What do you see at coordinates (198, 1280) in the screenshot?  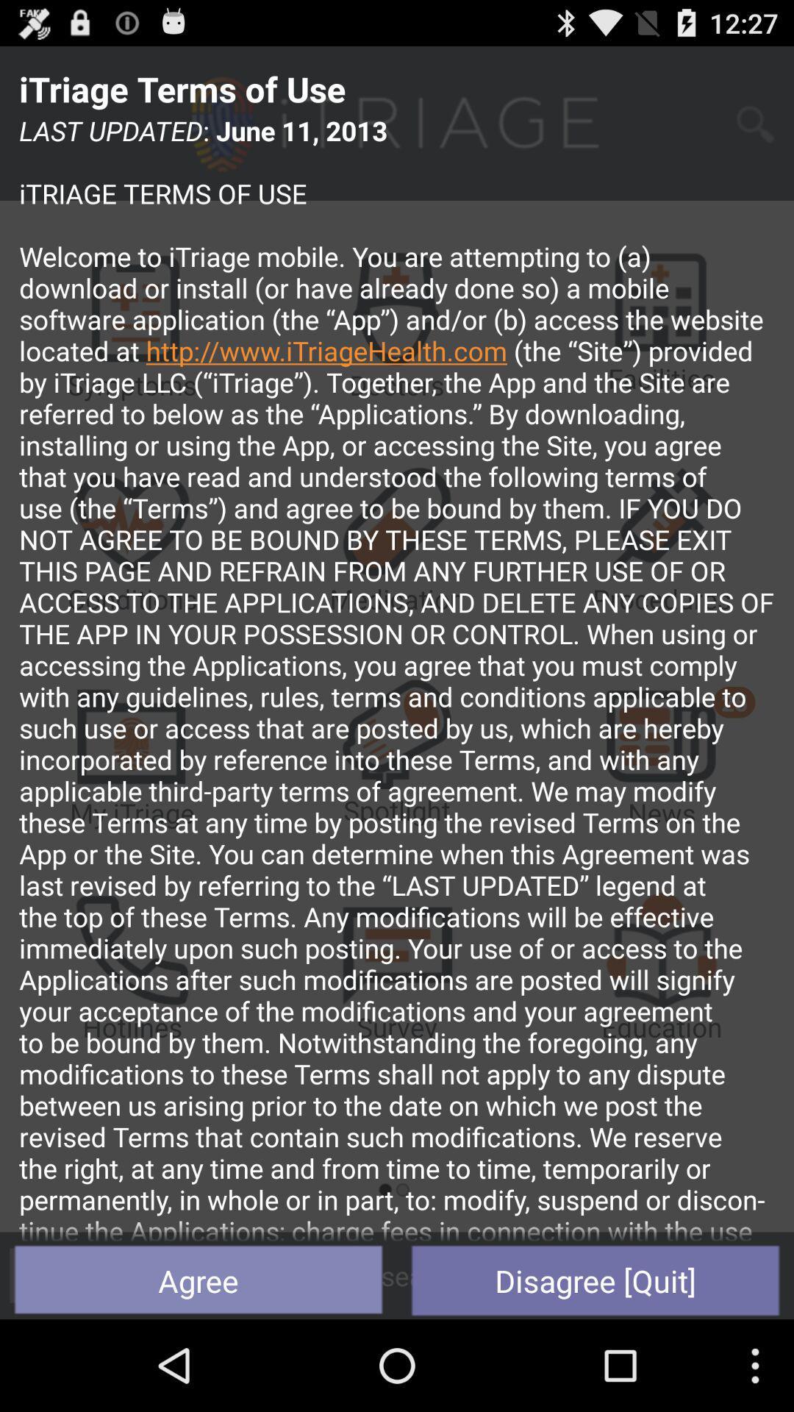 I see `item next to the disagree [quit]` at bounding box center [198, 1280].